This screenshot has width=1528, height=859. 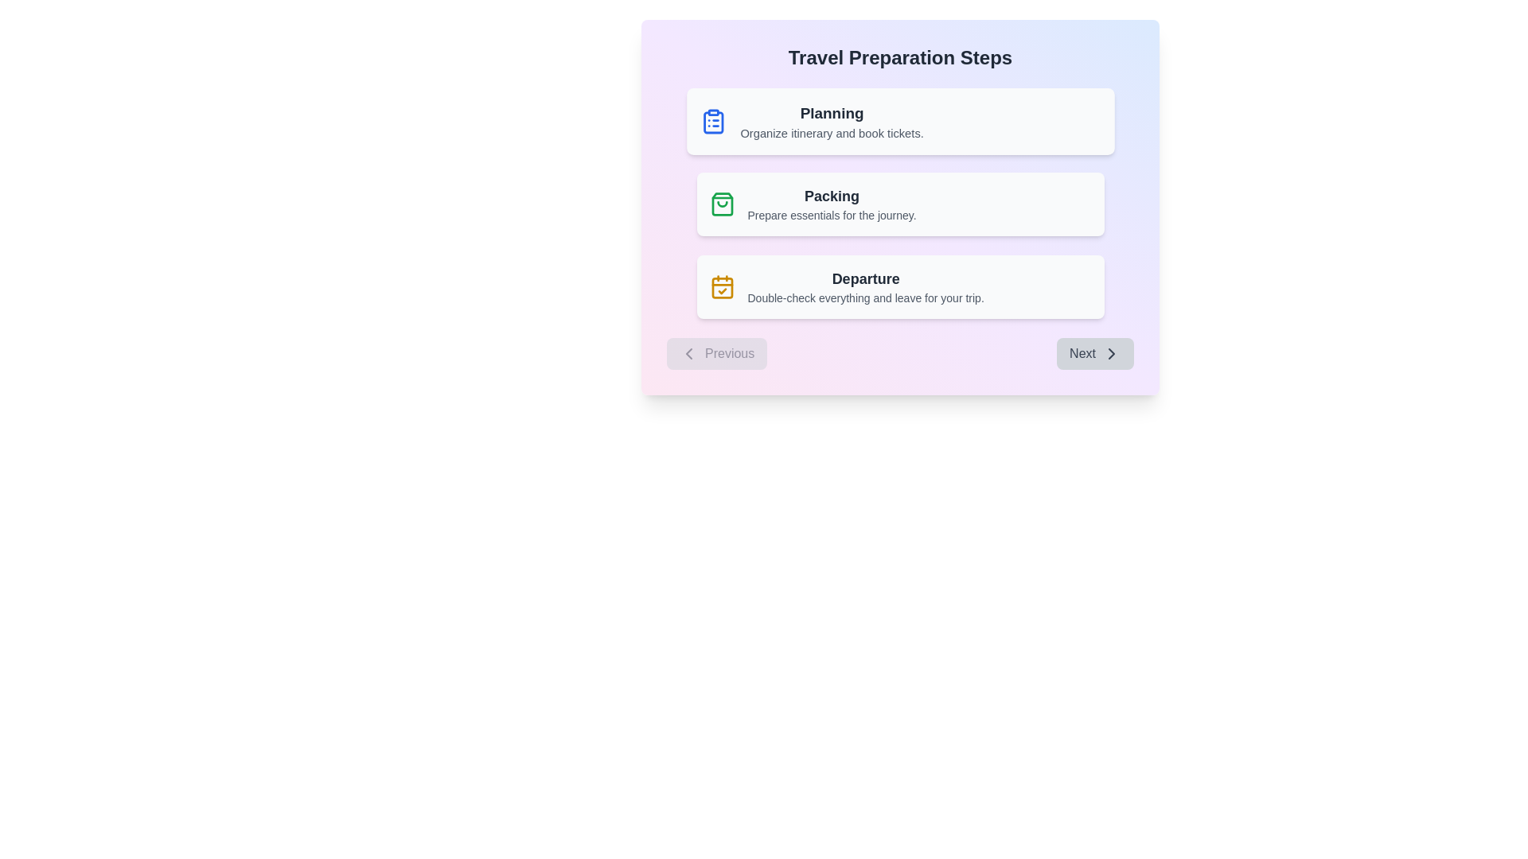 What do you see at coordinates (900, 287) in the screenshot?
I see `the 'Departure' information card, which is the third card in the vertical list of travel preparation steps` at bounding box center [900, 287].